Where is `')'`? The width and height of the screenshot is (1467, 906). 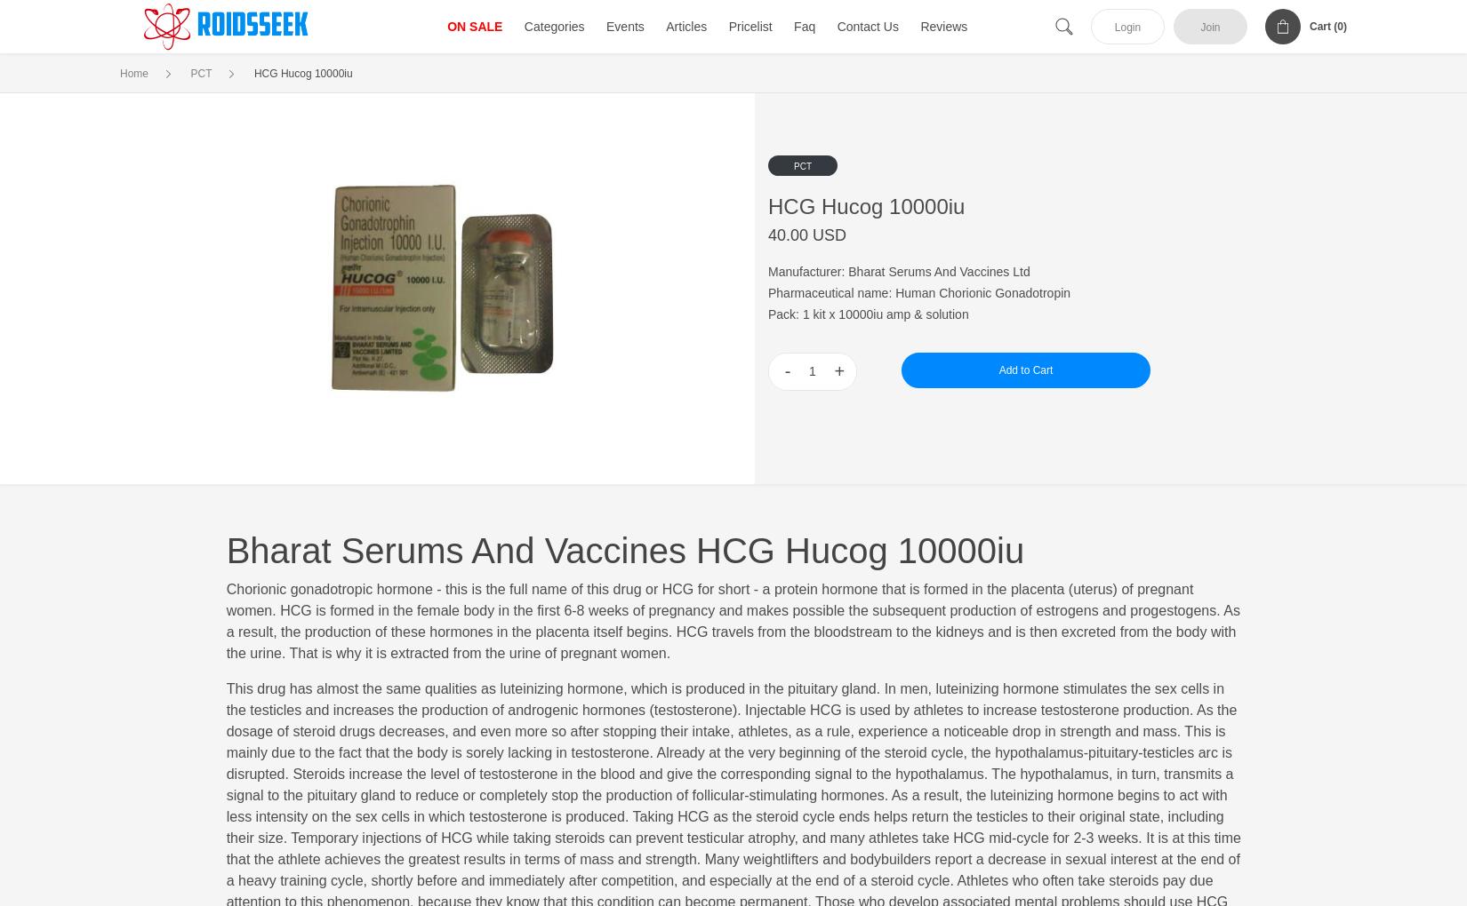 ')' is located at coordinates (1344, 25).